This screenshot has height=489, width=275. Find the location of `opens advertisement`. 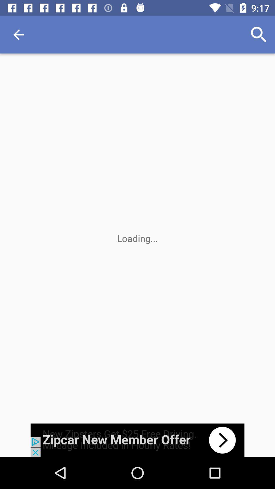

opens advertisement is located at coordinates (137, 440).